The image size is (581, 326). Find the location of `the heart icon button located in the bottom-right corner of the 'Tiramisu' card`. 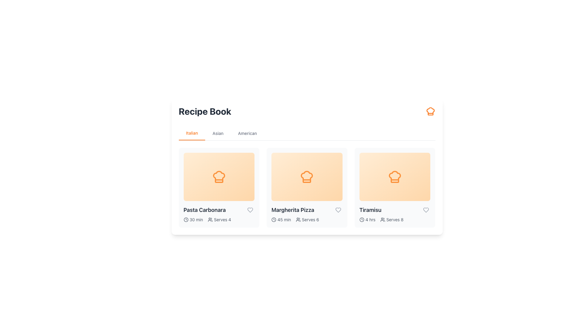

the heart icon button located in the bottom-right corner of the 'Tiramisu' card is located at coordinates (426, 209).